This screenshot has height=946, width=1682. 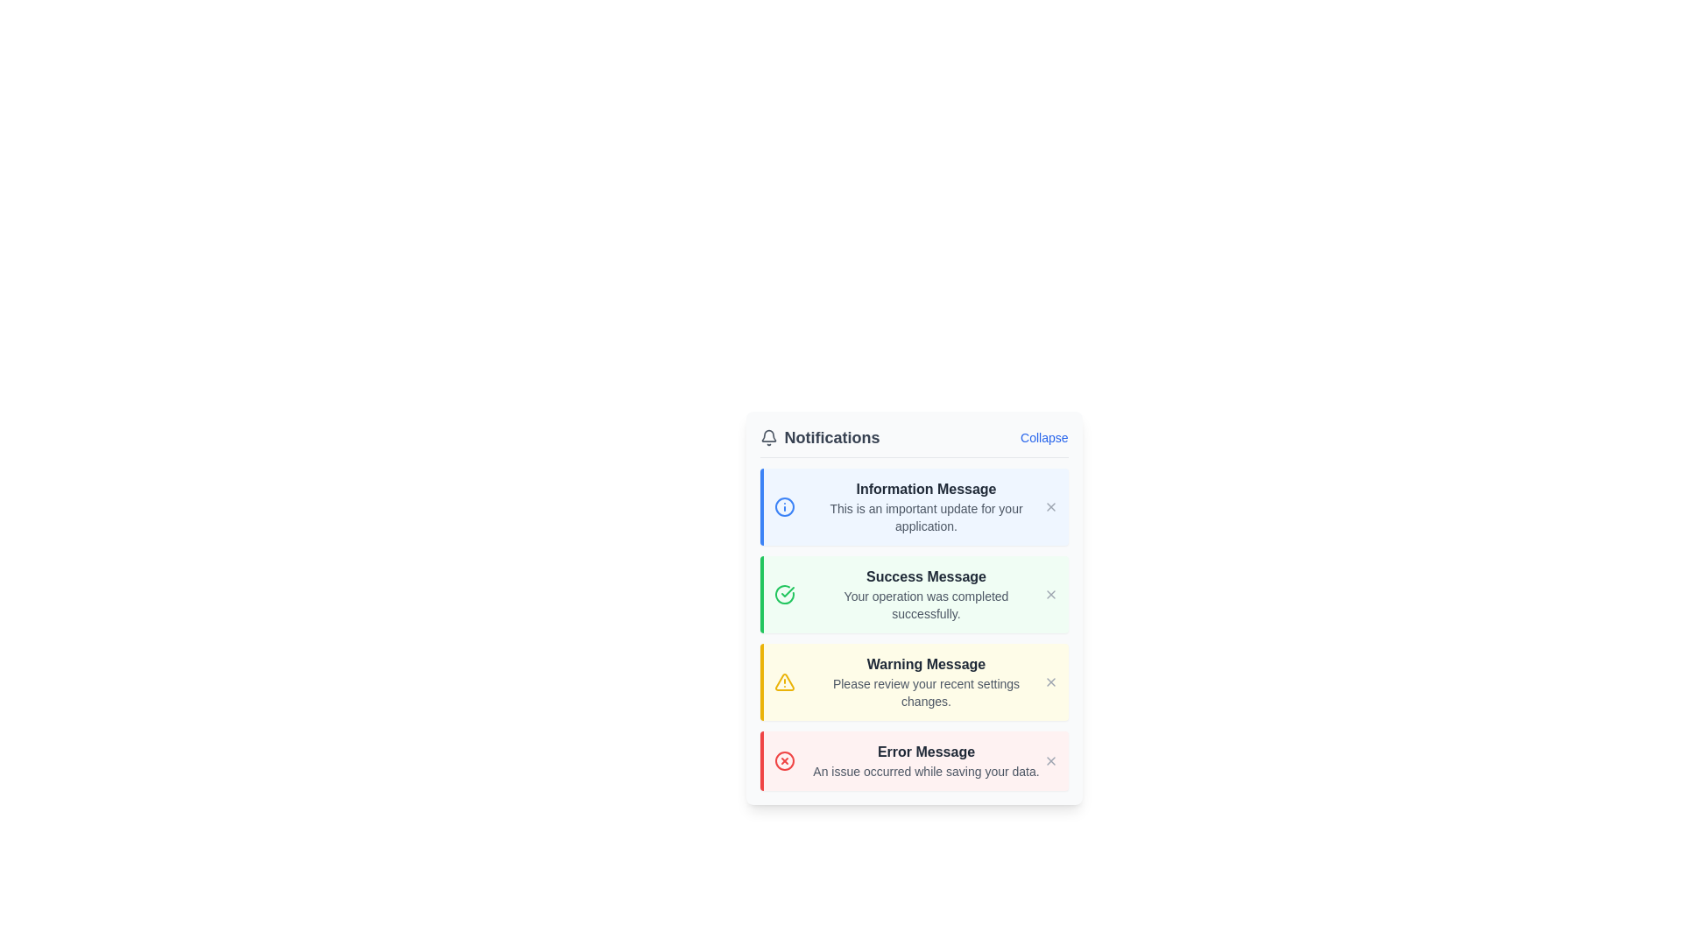 What do you see at coordinates (925, 593) in the screenshot?
I see `text from the success message notification block that displays 'Success Message' and 'Your operation was completed successfully.'` at bounding box center [925, 593].